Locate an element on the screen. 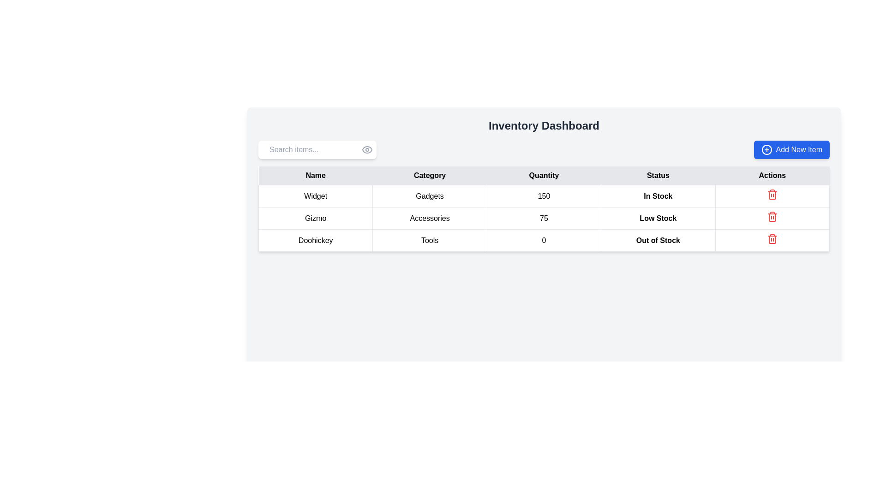  the third row of the inventory data table which contains 'Doohickey', 'Tools', '0', 'Out of Stock', and a trash icon for further actions is located at coordinates (544, 239).